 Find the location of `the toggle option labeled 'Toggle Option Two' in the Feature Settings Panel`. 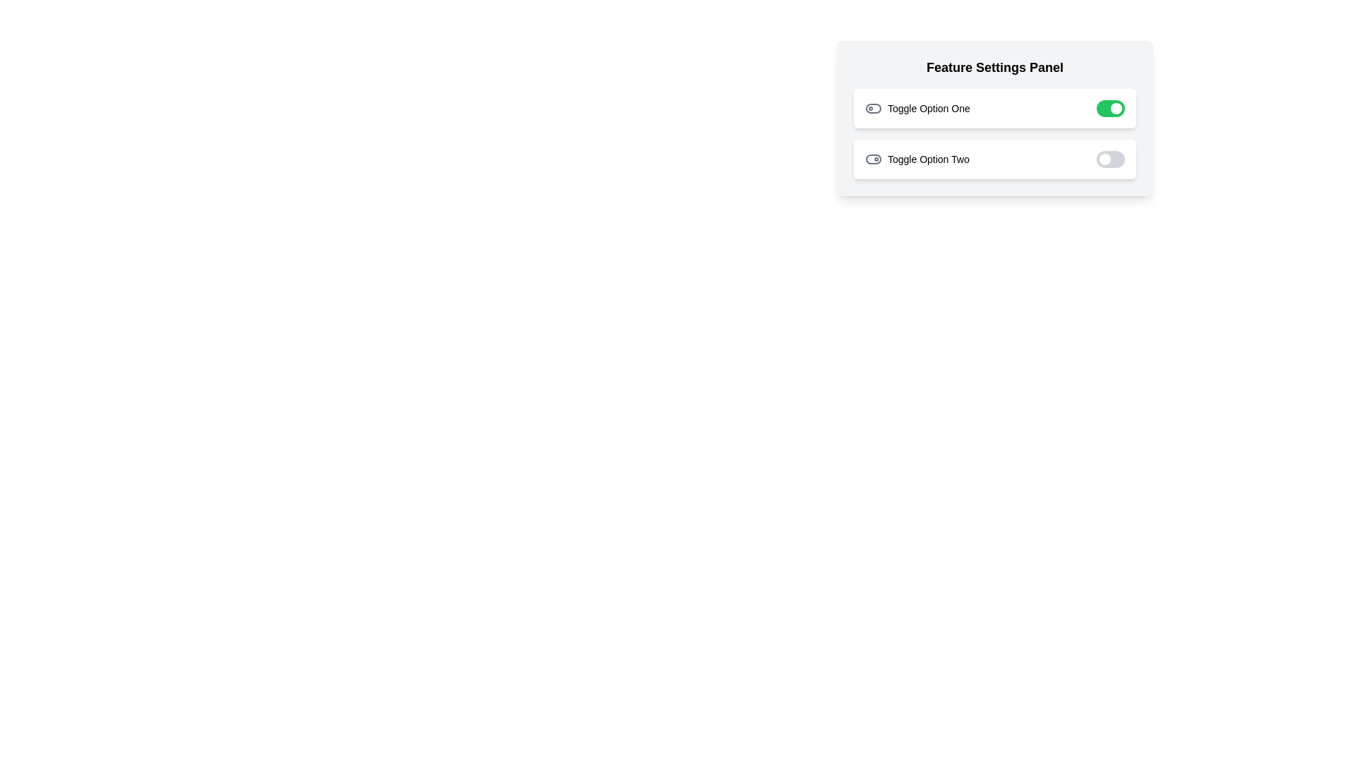

the toggle option labeled 'Toggle Option Two' in the Feature Settings Panel is located at coordinates (917, 159).